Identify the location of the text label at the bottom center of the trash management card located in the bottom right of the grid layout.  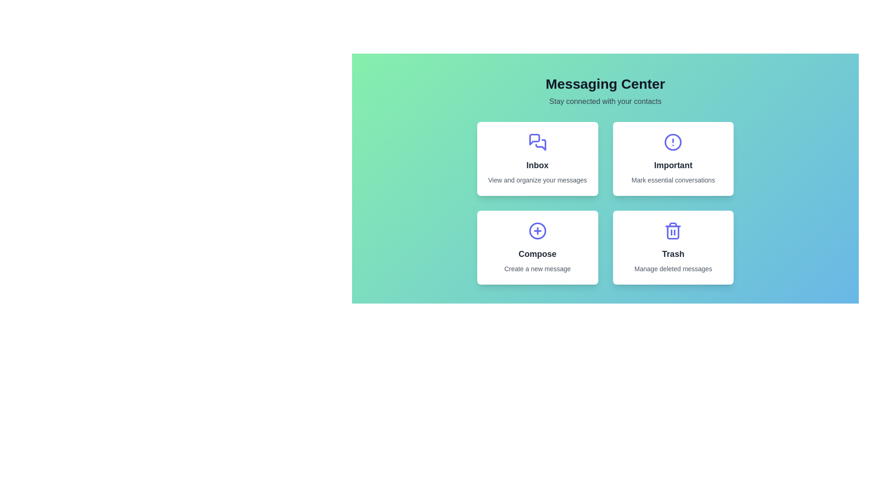
(673, 254).